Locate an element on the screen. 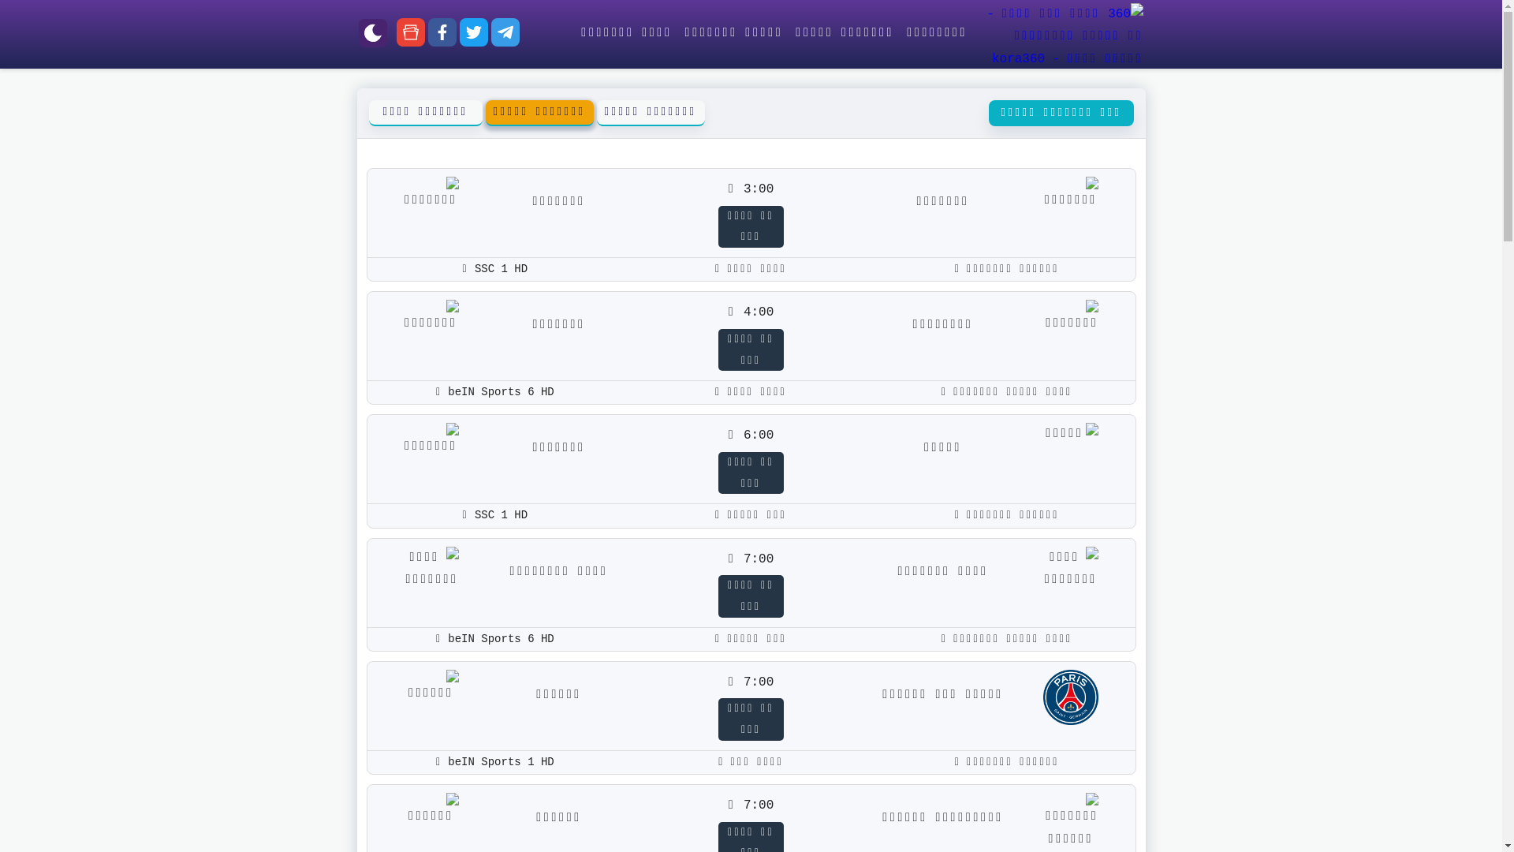 Image resolution: width=1514 pixels, height=852 pixels. 'facebook' is located at coordinates (442, 35).